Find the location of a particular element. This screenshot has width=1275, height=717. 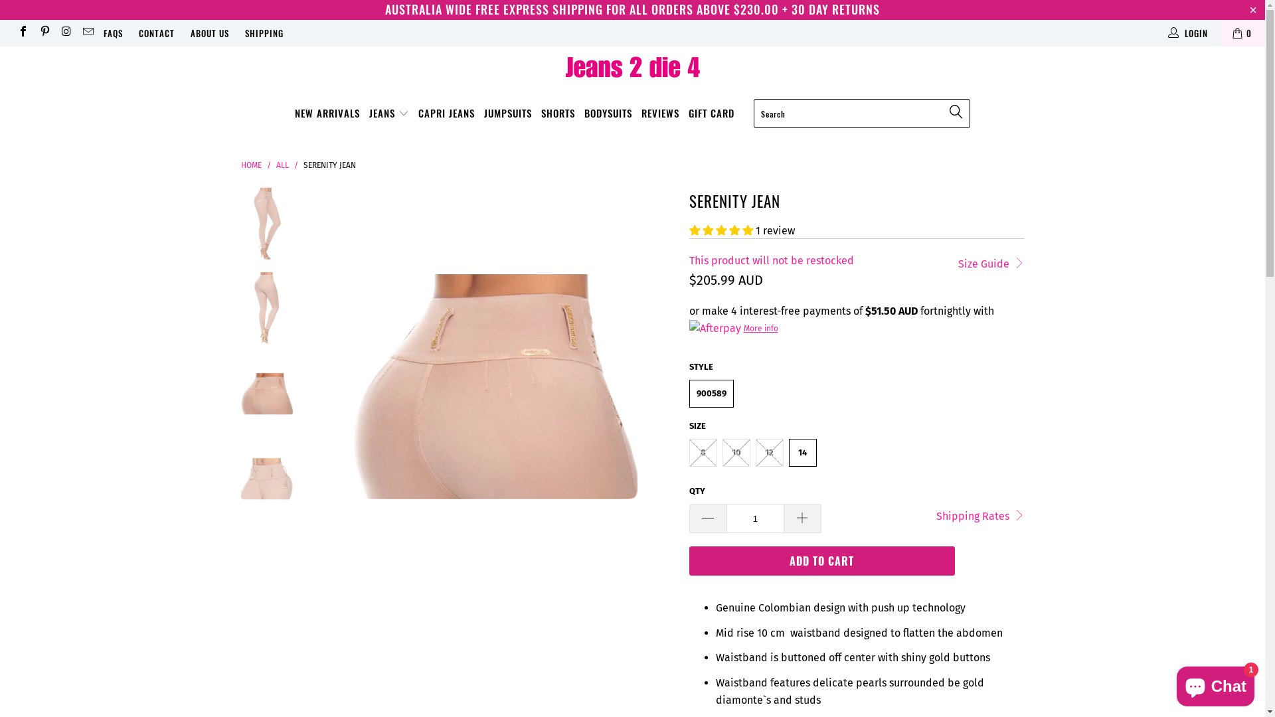

'Jeans 2 Die 4 on Pinterest' is located at coordinates (44, 32).